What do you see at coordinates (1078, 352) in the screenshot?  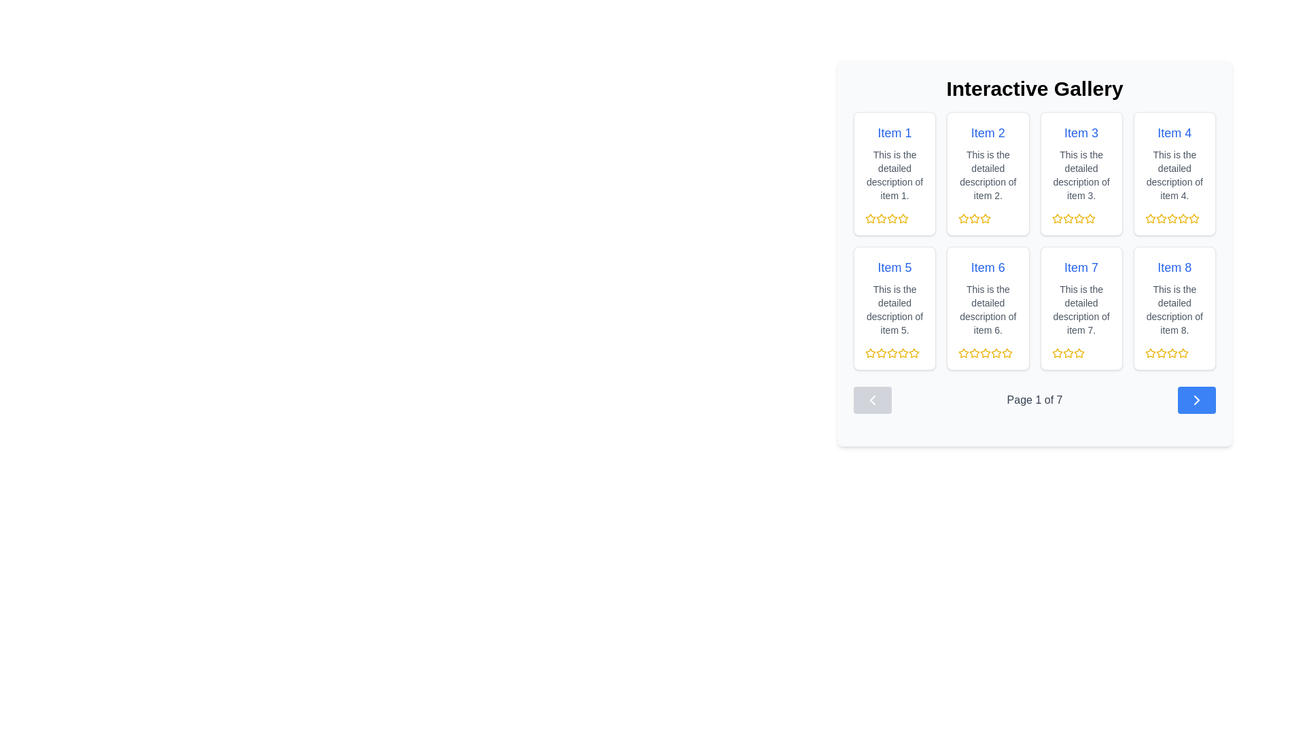 I see `the second star-shaped icon with a yellow outline in the rating system for 'Item 7'` at bounding box center [1078, 352].